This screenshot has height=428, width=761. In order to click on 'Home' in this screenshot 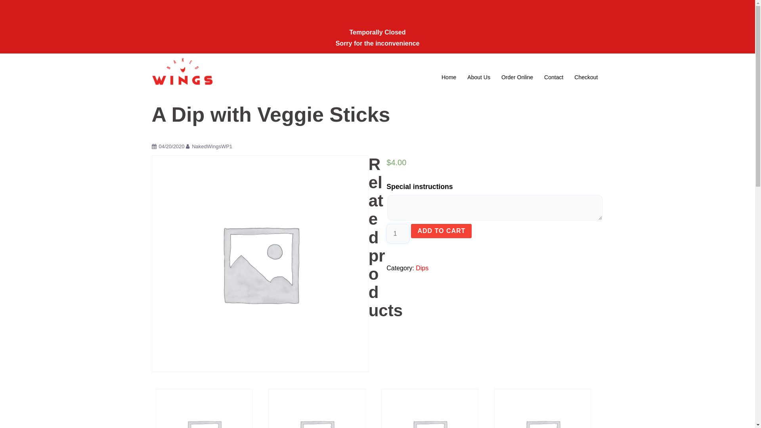, I will do `click(449, 77)`.